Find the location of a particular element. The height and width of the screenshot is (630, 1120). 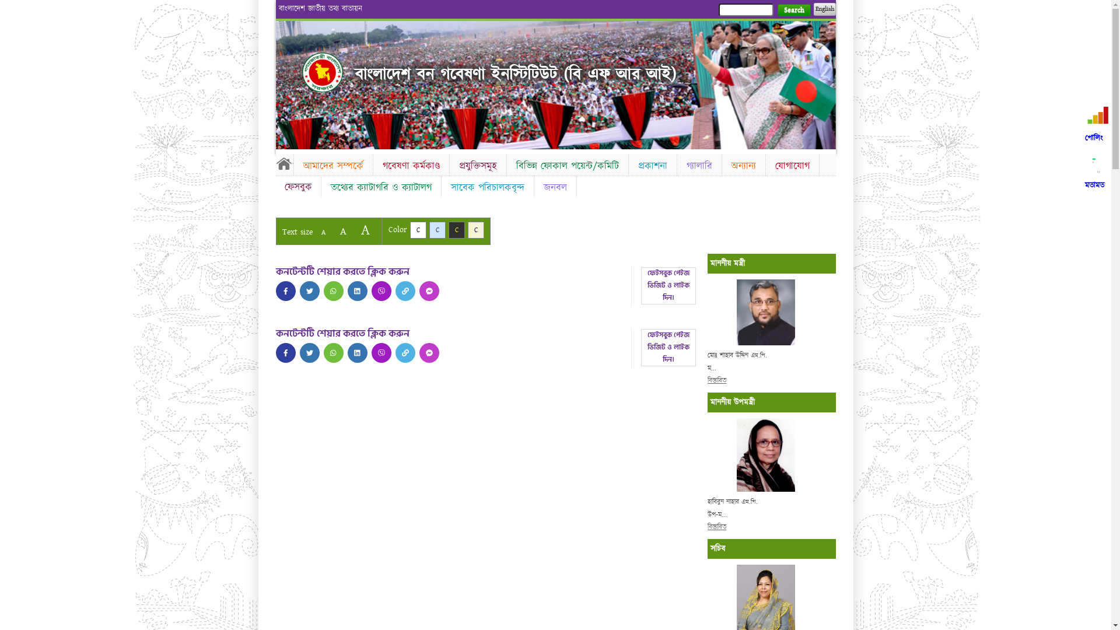

'A' is located at coordinates (364, 230).